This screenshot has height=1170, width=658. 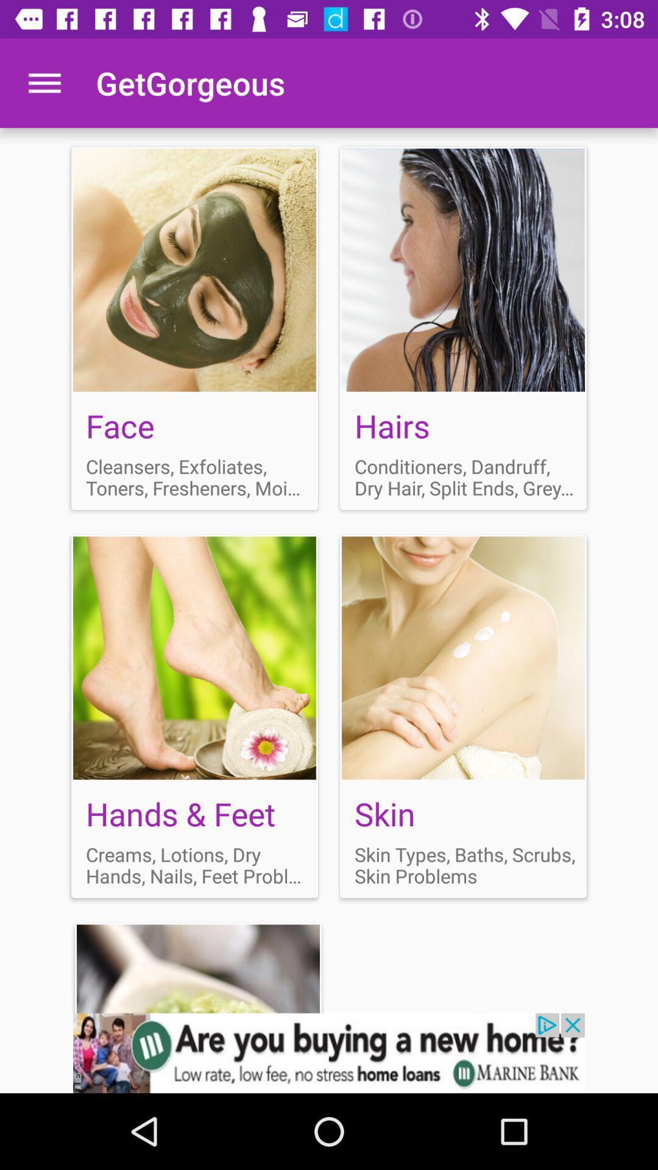 I want to click on sub article, so click(x=194, y=716).